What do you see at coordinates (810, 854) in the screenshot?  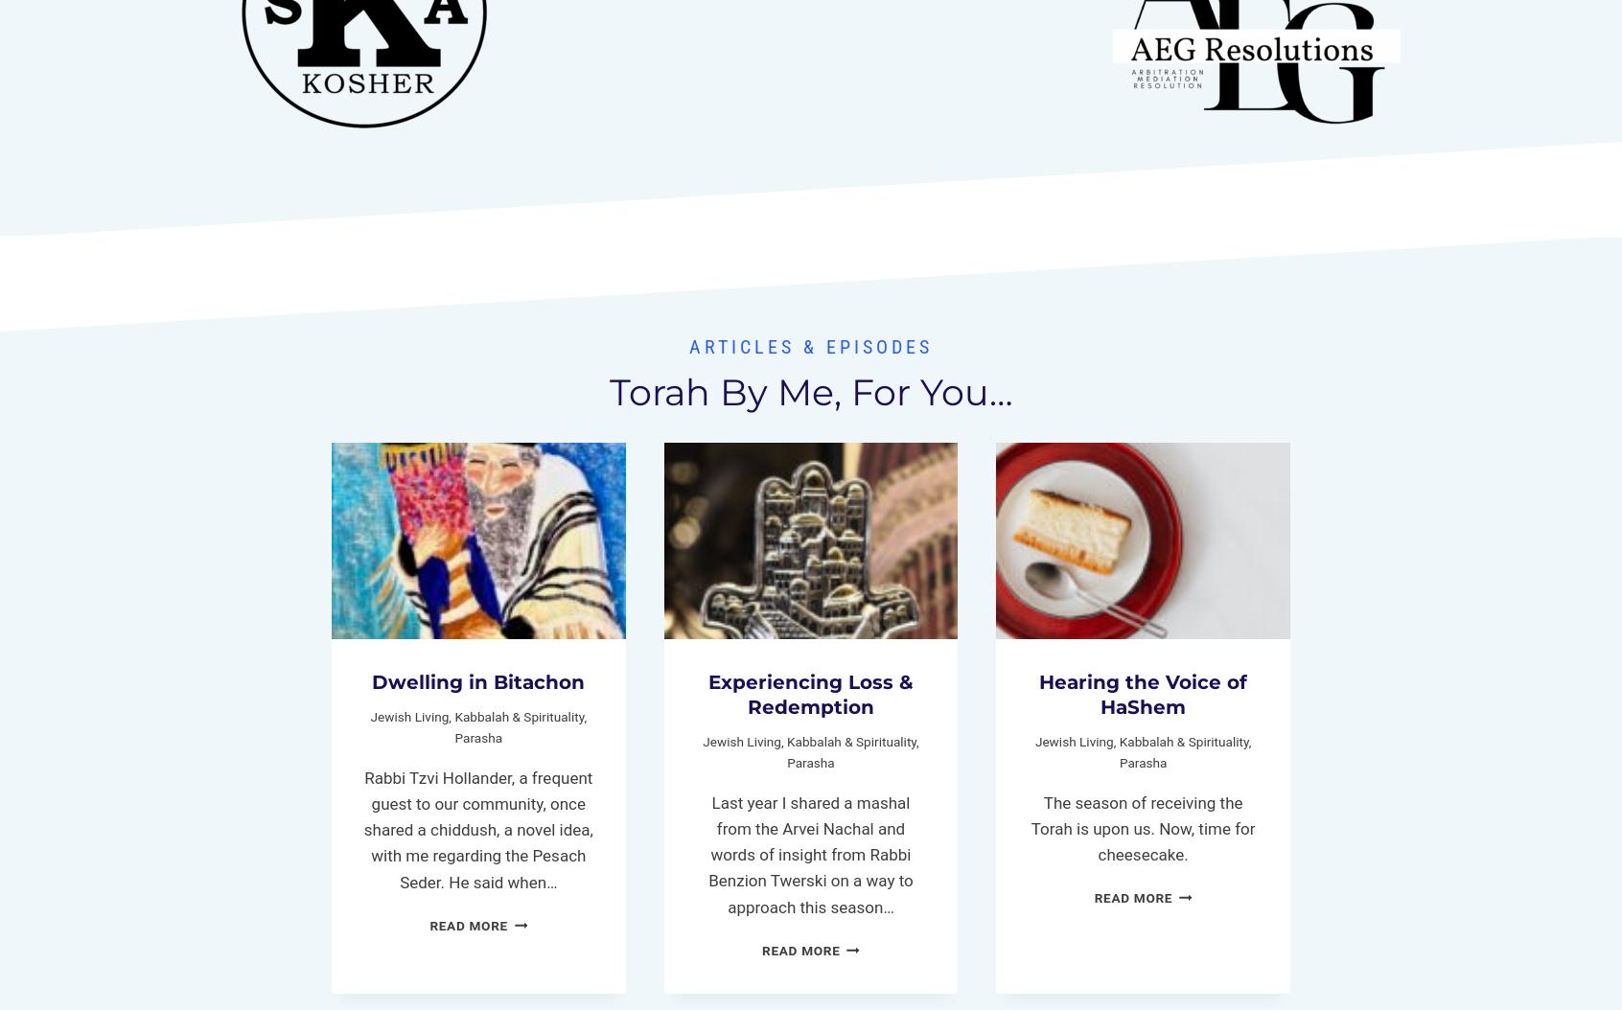 I see `'Last year I shared a mashal from the Arvei Nachal and words of insight from Rabbi Benzion Twerski on a way to approach this season…'` at bounding box center [810, 854].